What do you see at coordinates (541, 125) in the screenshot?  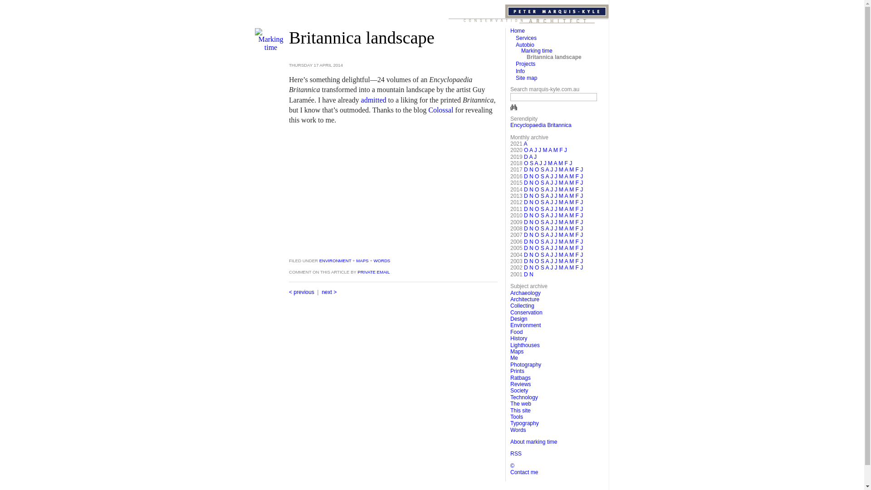 I see `'Encyclopaedia Britannica'` at bounding box center [541, 125].